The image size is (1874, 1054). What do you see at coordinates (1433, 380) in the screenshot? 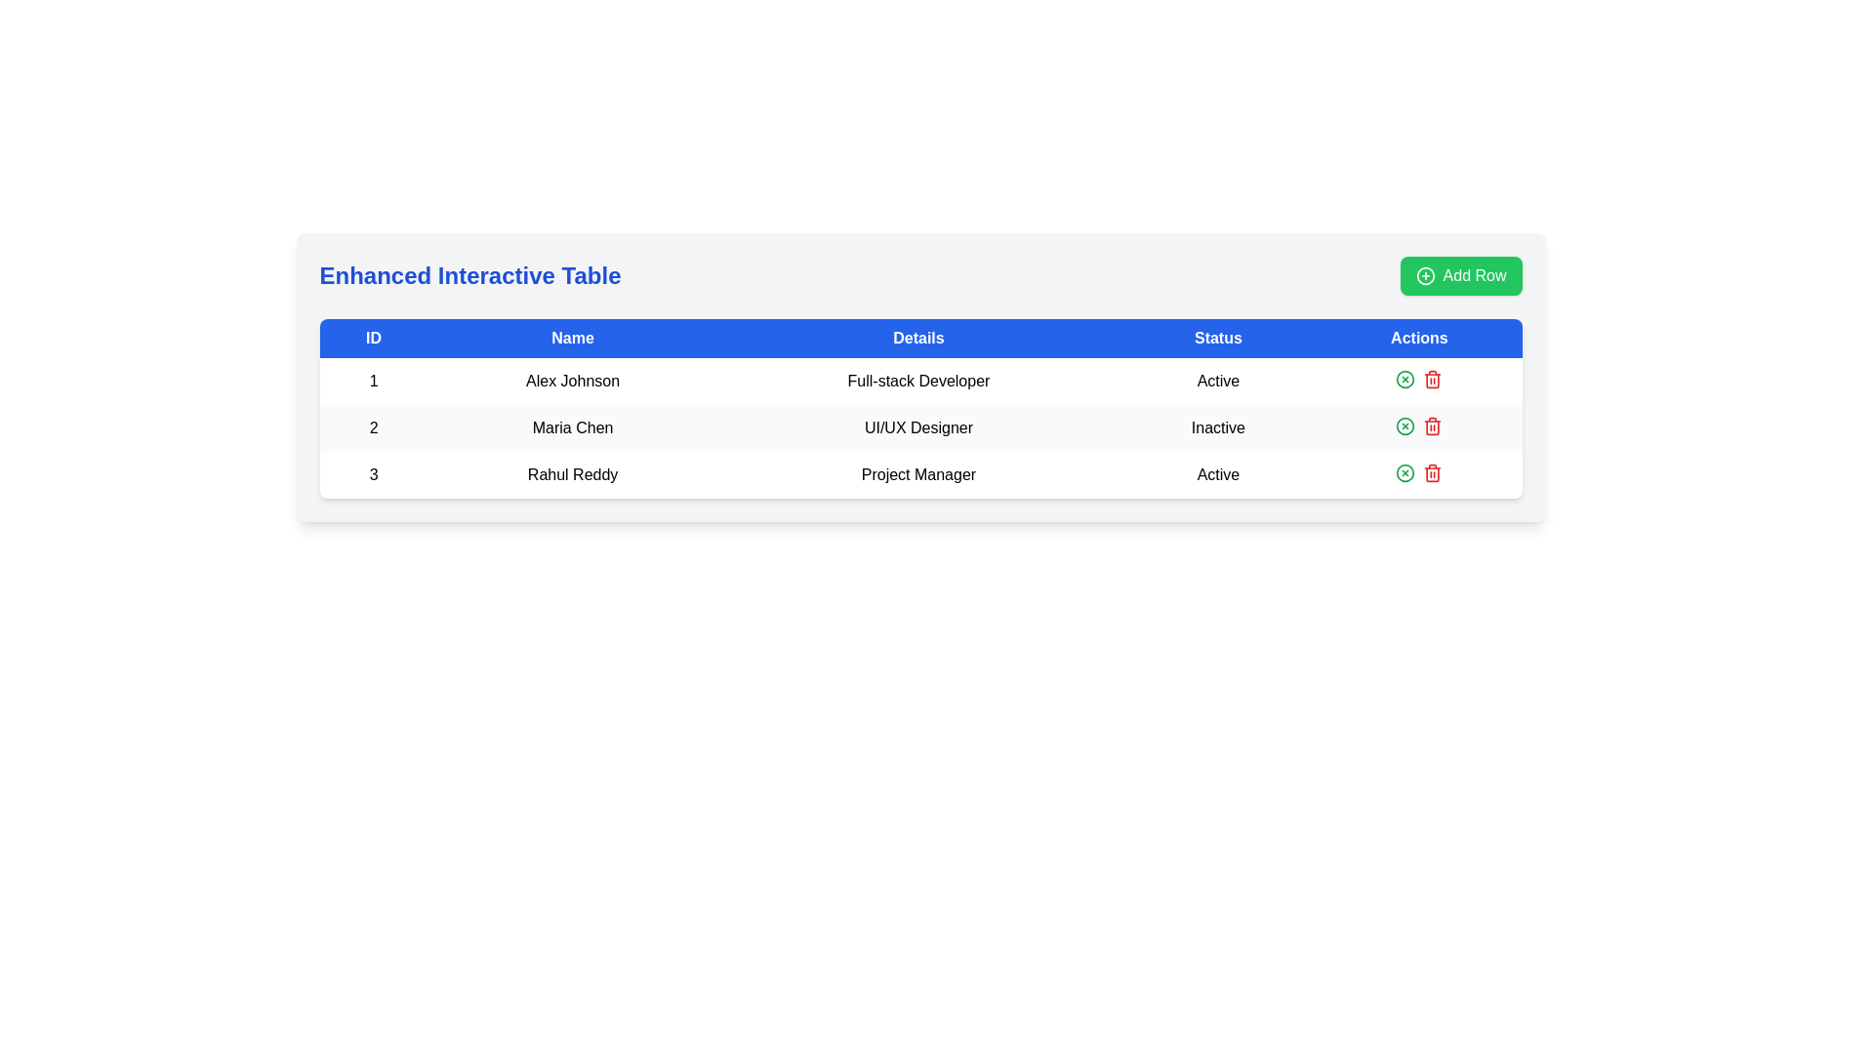
I see `the delete button located in the 'Actions' column of the third row in the table, which is the second icon to the right of a green checkmark icon` at bounding box center [1433, 380].